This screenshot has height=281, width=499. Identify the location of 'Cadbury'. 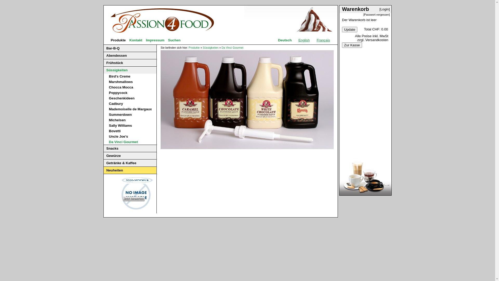
(108, 104).